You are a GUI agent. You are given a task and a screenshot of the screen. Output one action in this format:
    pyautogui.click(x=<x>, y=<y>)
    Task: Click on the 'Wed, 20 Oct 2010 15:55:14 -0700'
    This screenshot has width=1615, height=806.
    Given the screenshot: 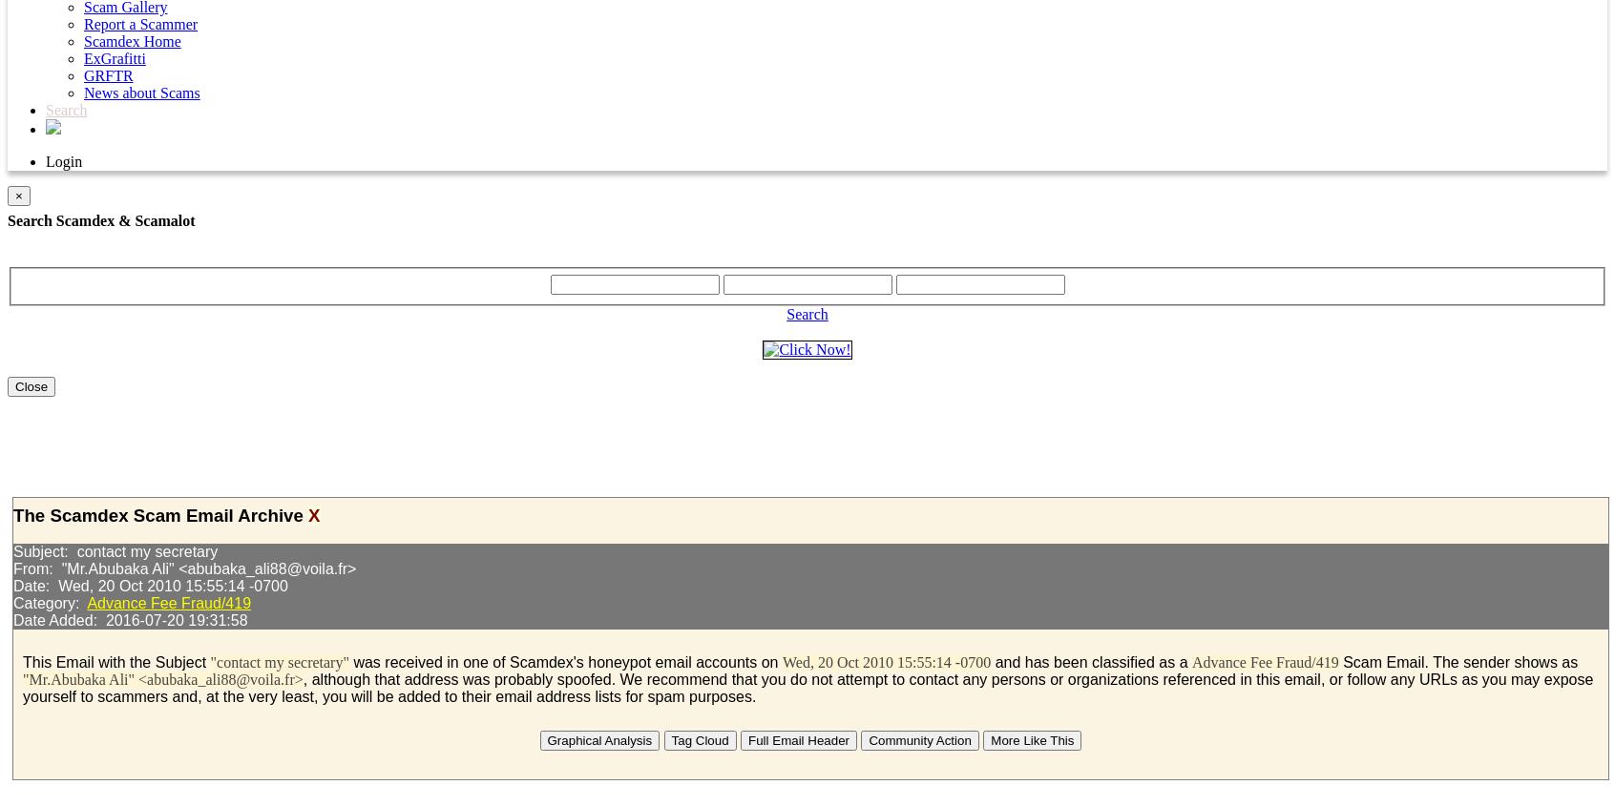 What is the action you would take?
    pyautogui.click(x=886, y=661)
    